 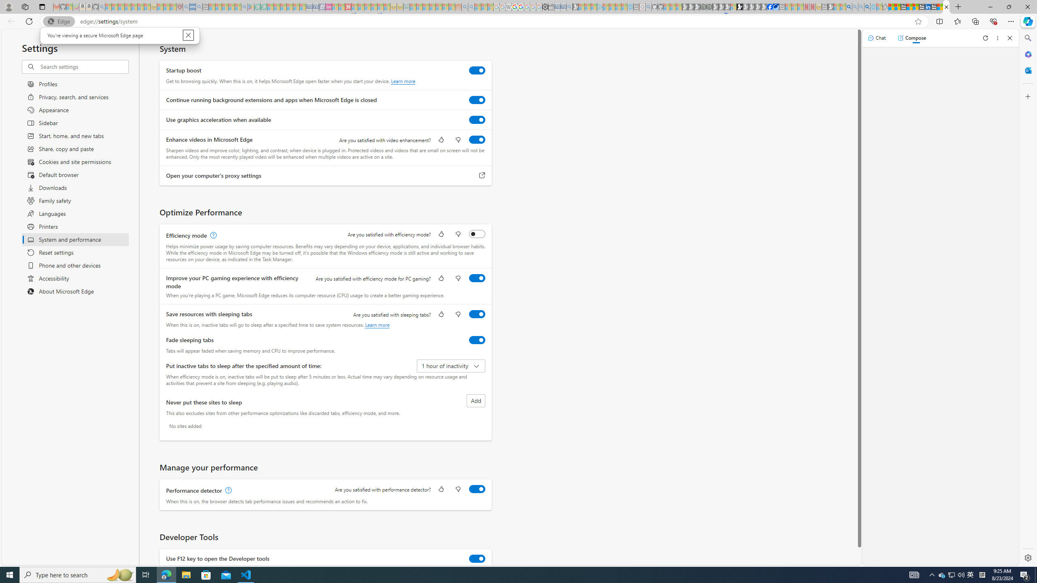 I want to click on 'Notification Chevron', so click(x=932, y=574).